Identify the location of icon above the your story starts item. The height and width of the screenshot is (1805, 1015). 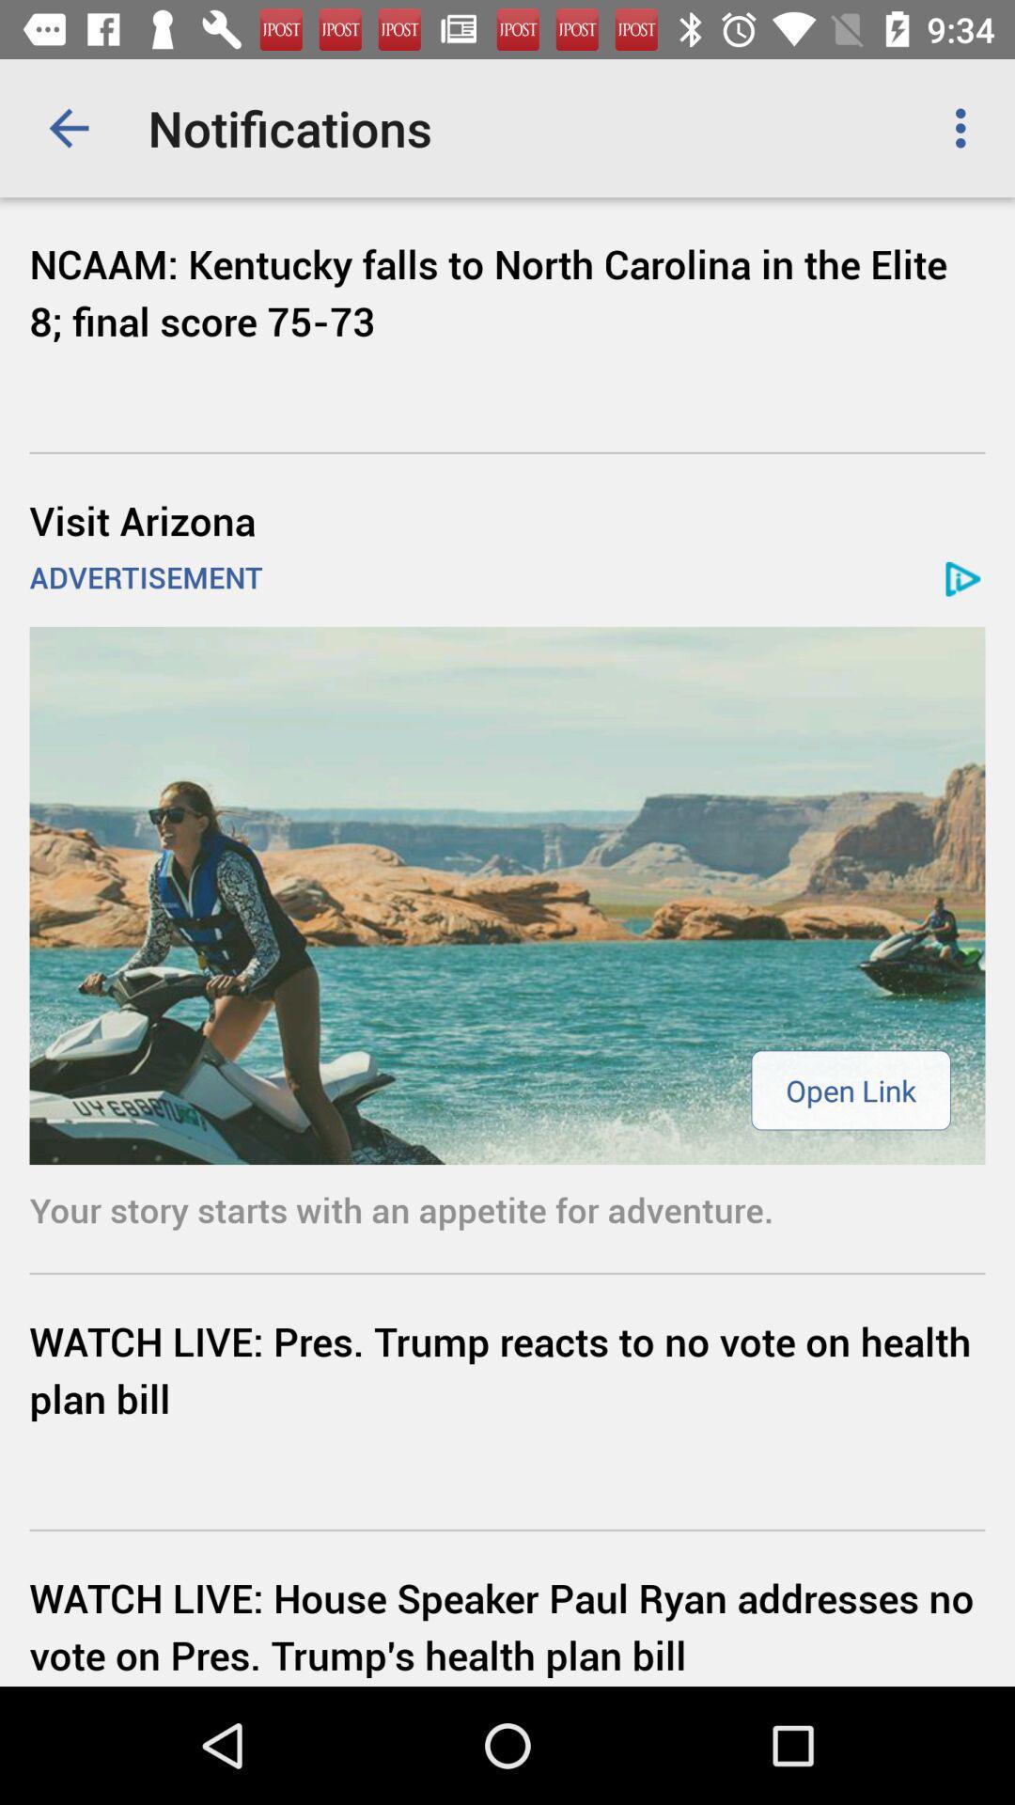
(507, 894).